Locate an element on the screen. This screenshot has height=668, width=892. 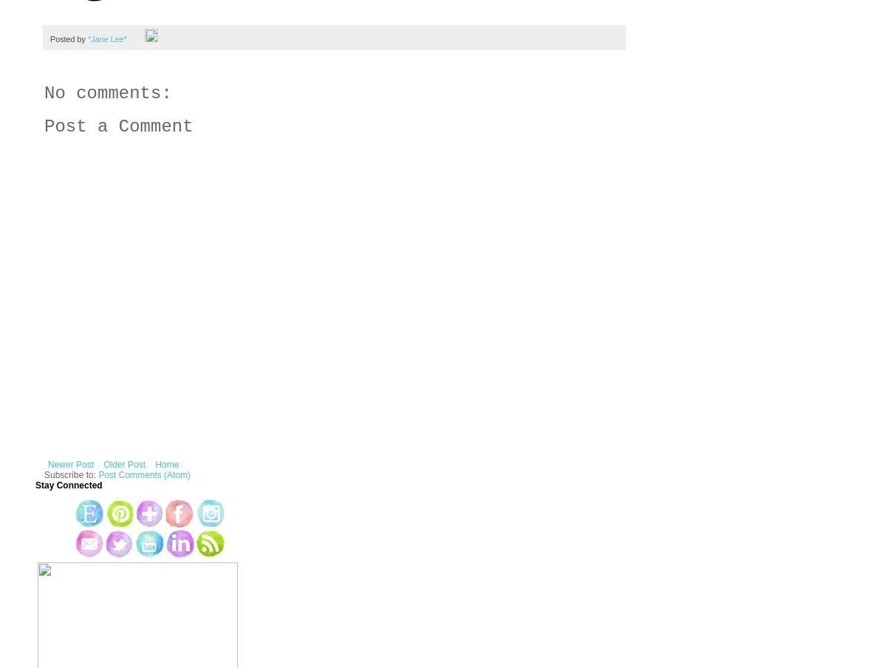
'*Jane Lee*' is located at coordinates (106, 37).